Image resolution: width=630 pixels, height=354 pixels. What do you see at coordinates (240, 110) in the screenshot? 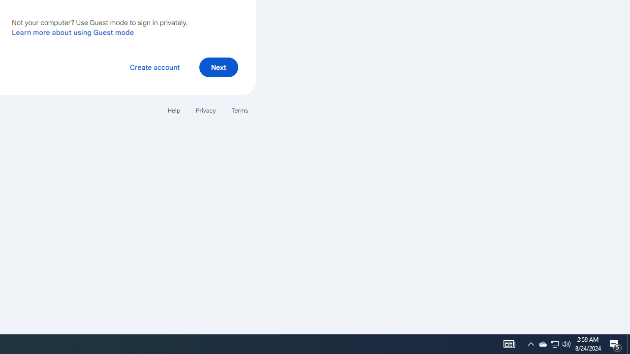
I see `'Terms'` at bounding box center [240, 110].